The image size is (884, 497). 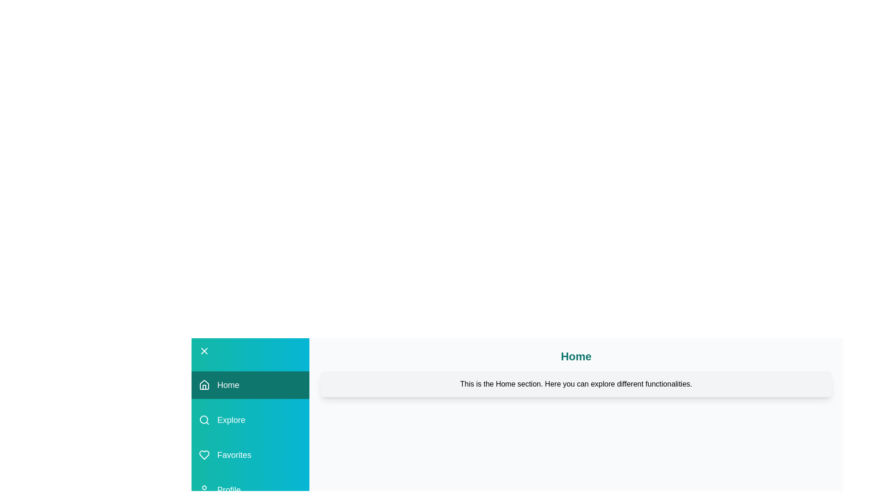 What do you see at coordinates (250, 489) in the screenshot?
I see `the Profile section in the menu` at bounding box center [250, 489].